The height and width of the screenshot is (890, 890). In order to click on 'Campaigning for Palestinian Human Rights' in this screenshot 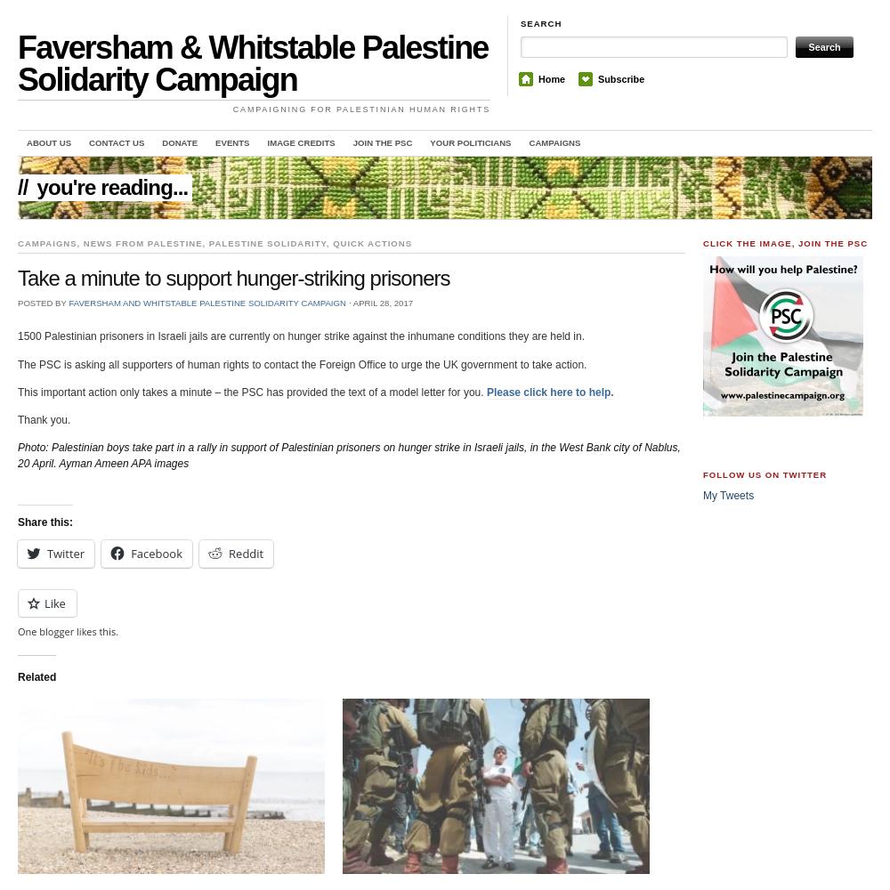, I will do `click(361, 108)`.